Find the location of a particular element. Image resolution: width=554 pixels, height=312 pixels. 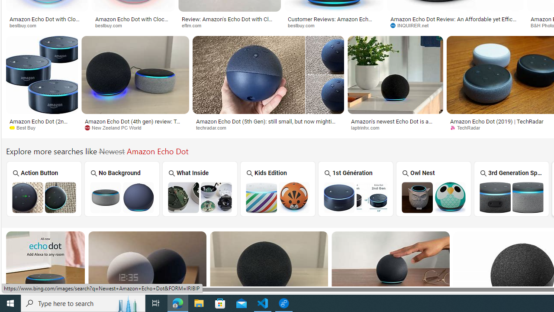

'TechRadar' is located at coordinates (467, 127).